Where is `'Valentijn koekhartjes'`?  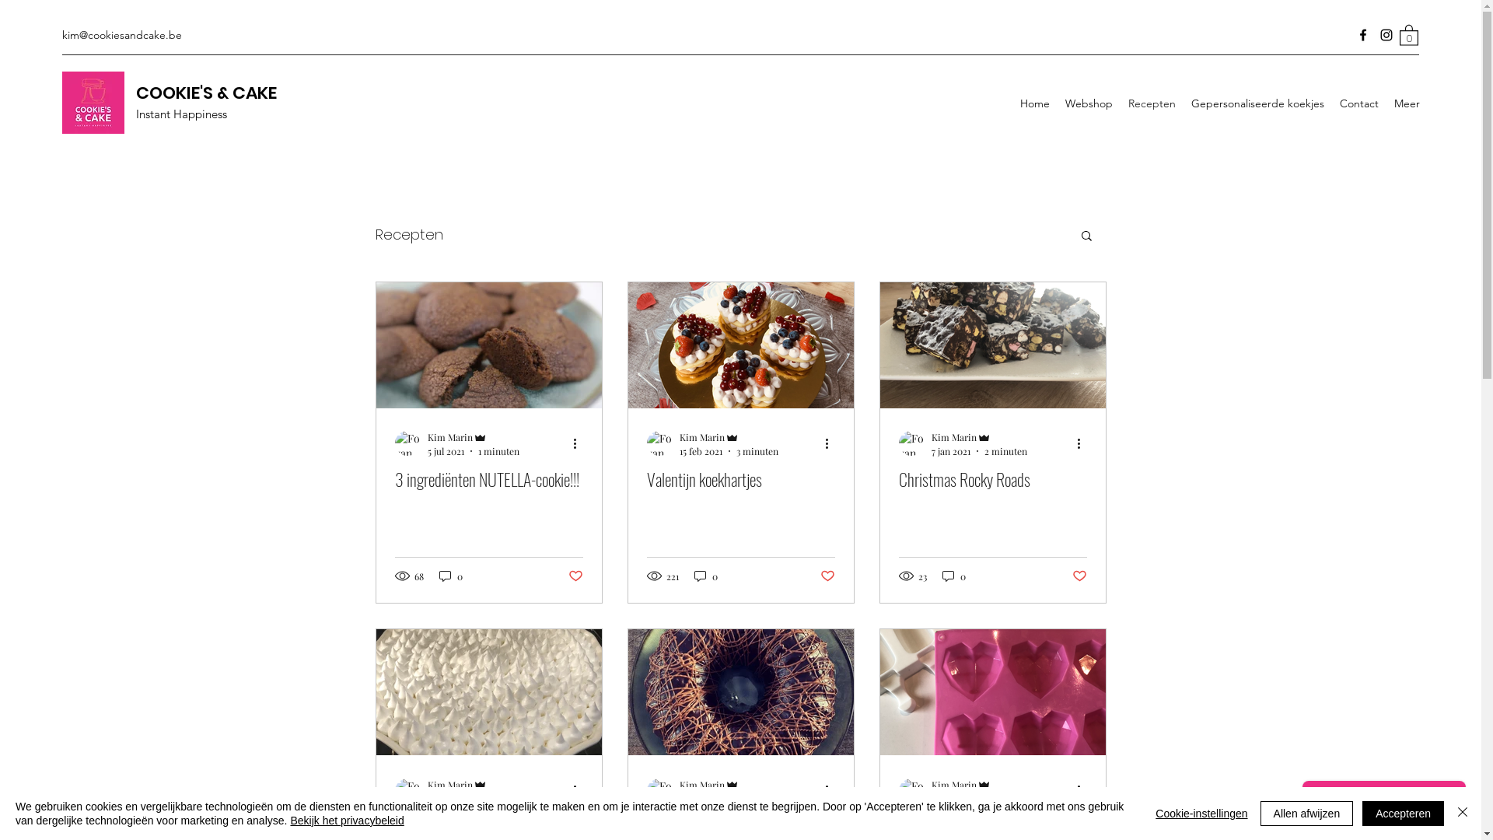 'Valentijn koekhartjes' is located at coordinates (740, 478).